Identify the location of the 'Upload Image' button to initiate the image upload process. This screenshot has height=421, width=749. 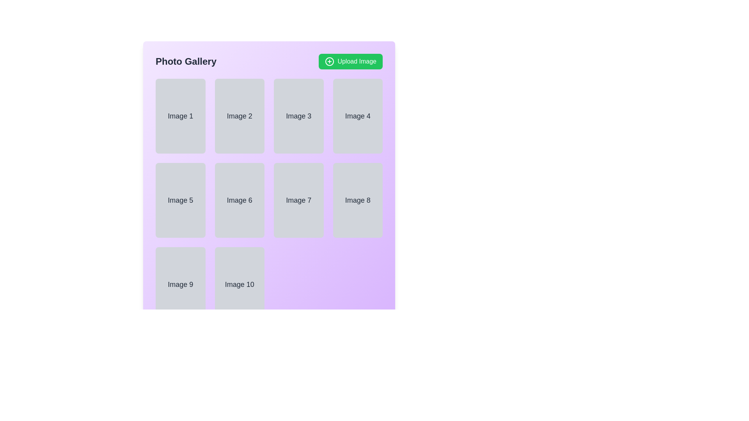
(350, 61).